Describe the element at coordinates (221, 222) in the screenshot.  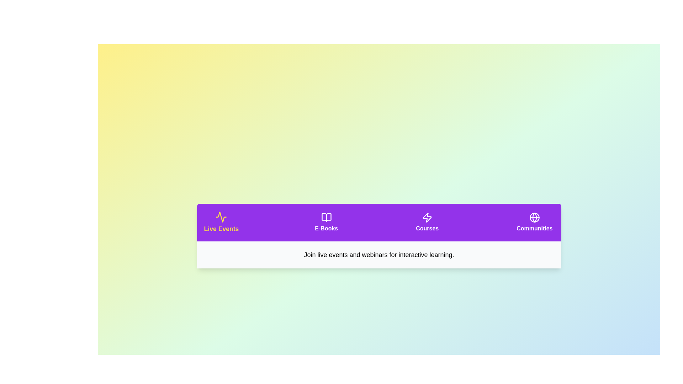
I see `the tab button labeled Live Events to observe its visual effect` at that location.